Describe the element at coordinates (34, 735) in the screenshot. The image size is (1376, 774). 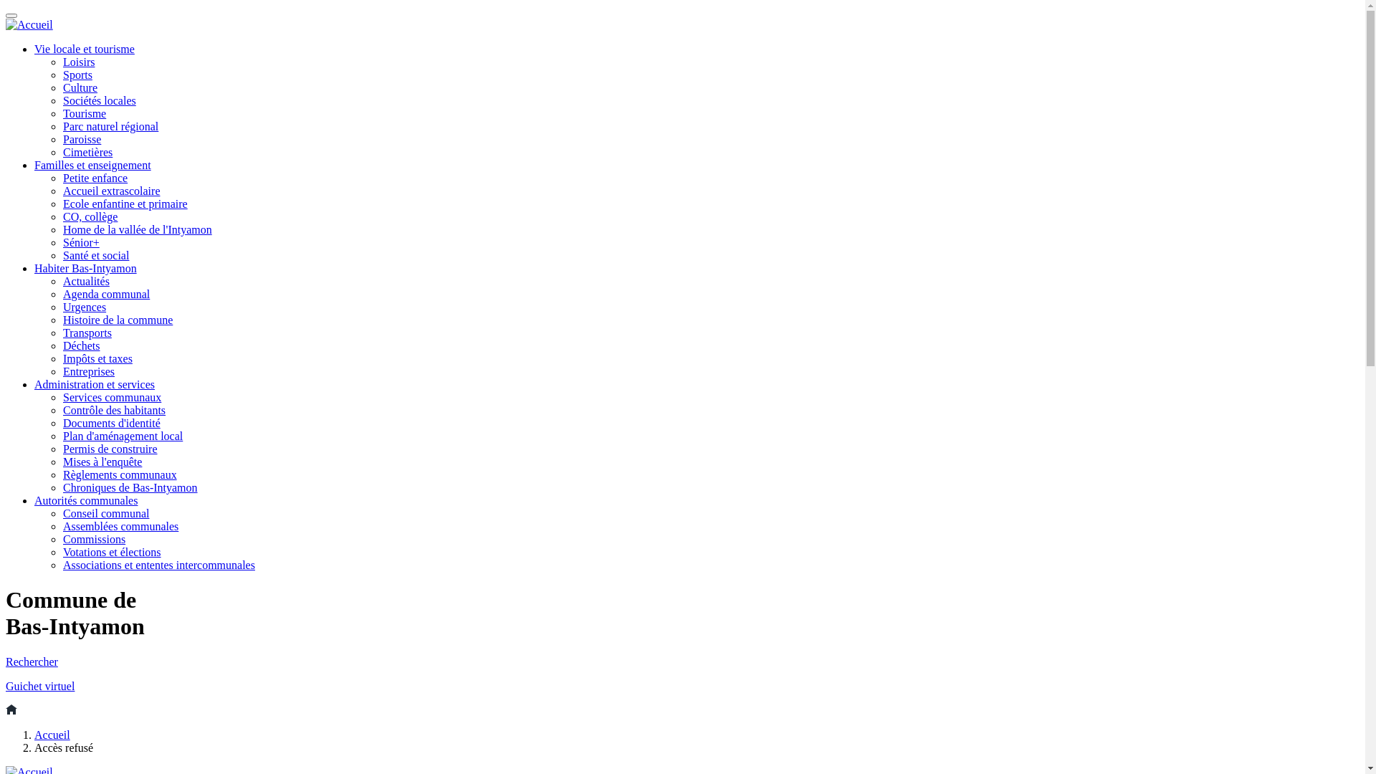
I see `'Accueil'` at that location.